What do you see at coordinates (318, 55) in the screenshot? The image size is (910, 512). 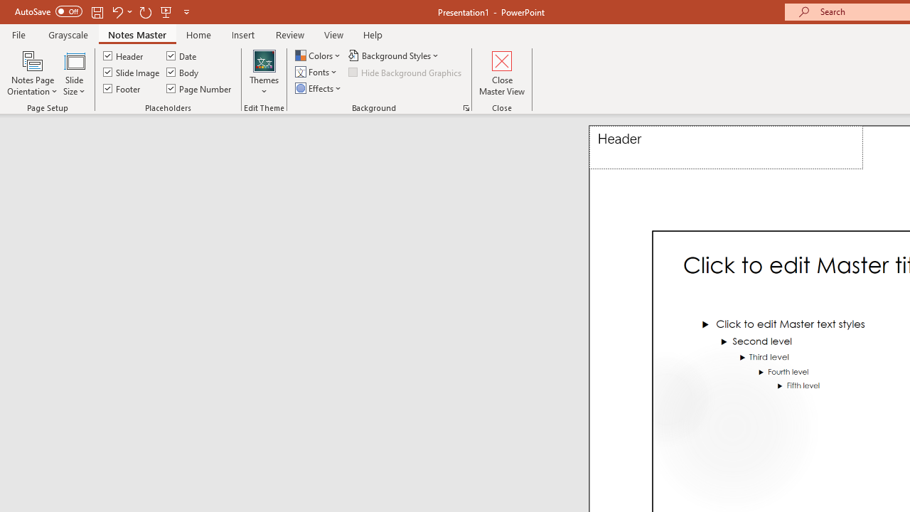 I see `'Colors'` at bounding box center [318, 55].